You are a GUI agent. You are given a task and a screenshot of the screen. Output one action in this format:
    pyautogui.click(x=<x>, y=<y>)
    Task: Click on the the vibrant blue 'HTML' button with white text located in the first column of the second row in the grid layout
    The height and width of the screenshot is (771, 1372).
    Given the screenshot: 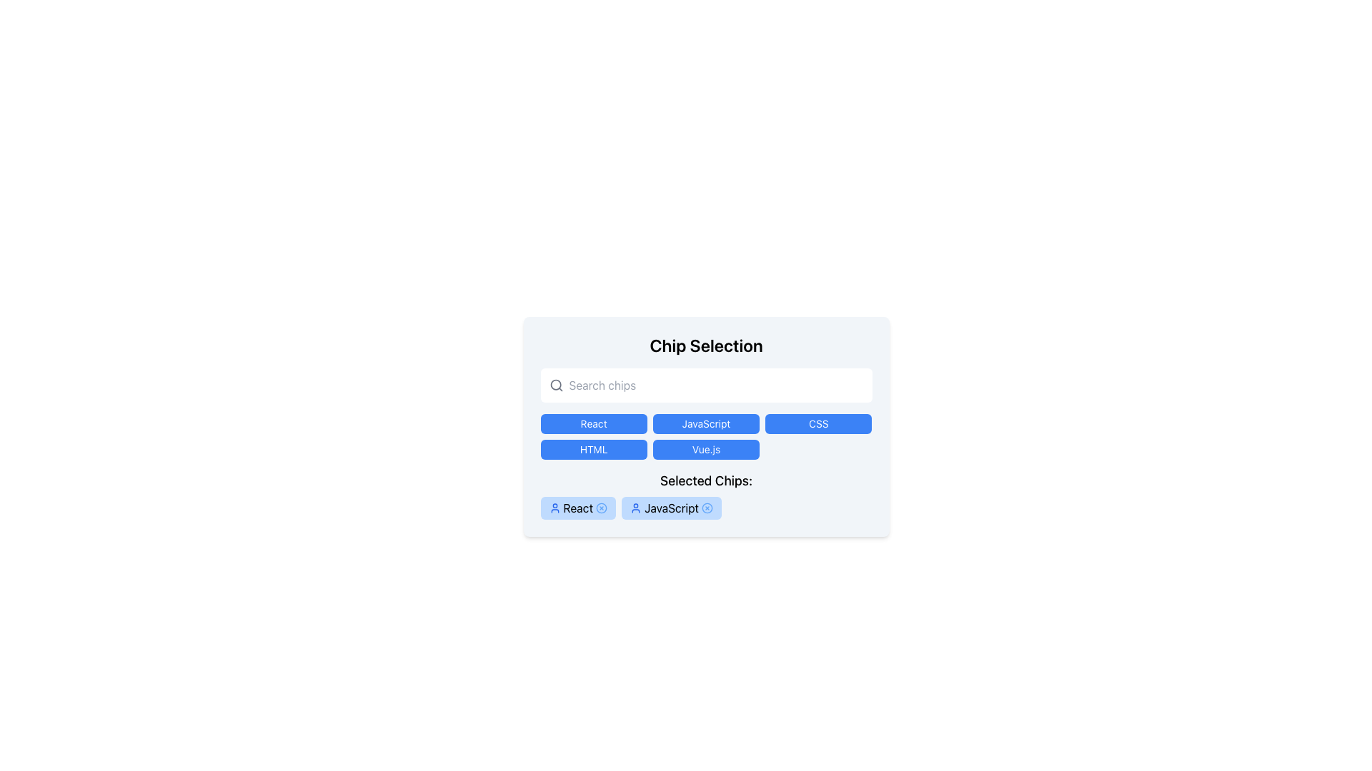 What is the action you would take?
    pyautogui.click(x=594, y=448)
    